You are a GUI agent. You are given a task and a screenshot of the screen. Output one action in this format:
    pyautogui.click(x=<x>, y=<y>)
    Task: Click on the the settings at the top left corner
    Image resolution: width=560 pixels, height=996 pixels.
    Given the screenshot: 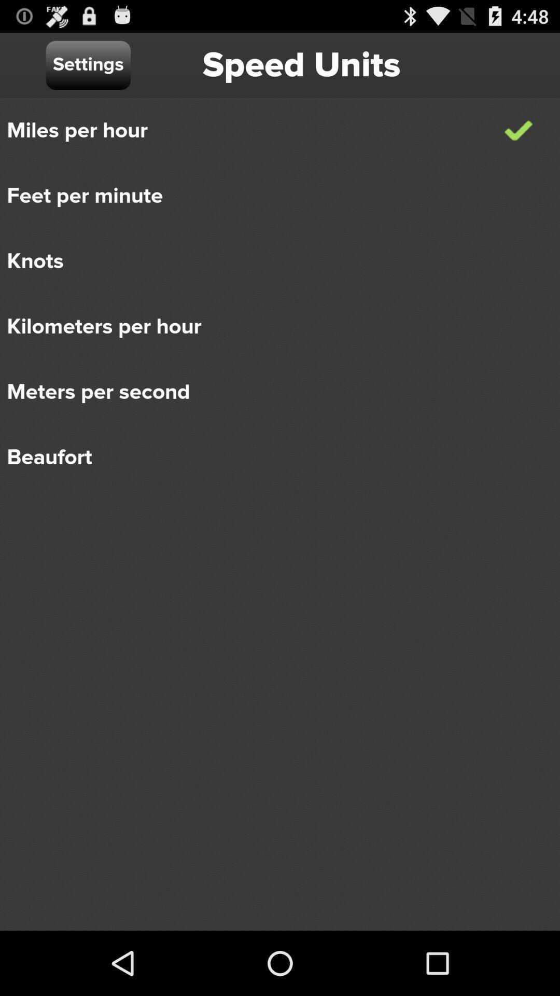 What is the action you would take?
    pyautogui.click(x=88, y=64)
    